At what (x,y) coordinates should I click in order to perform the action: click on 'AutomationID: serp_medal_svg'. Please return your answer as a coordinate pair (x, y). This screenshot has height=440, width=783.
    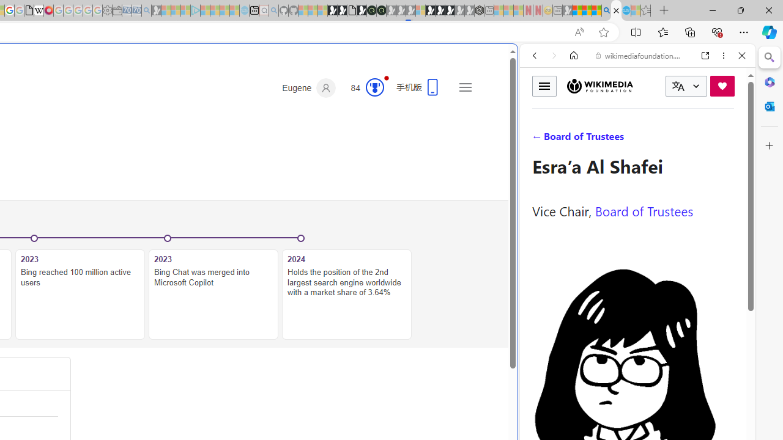
    Looking at the image, I should click on (374, 86).